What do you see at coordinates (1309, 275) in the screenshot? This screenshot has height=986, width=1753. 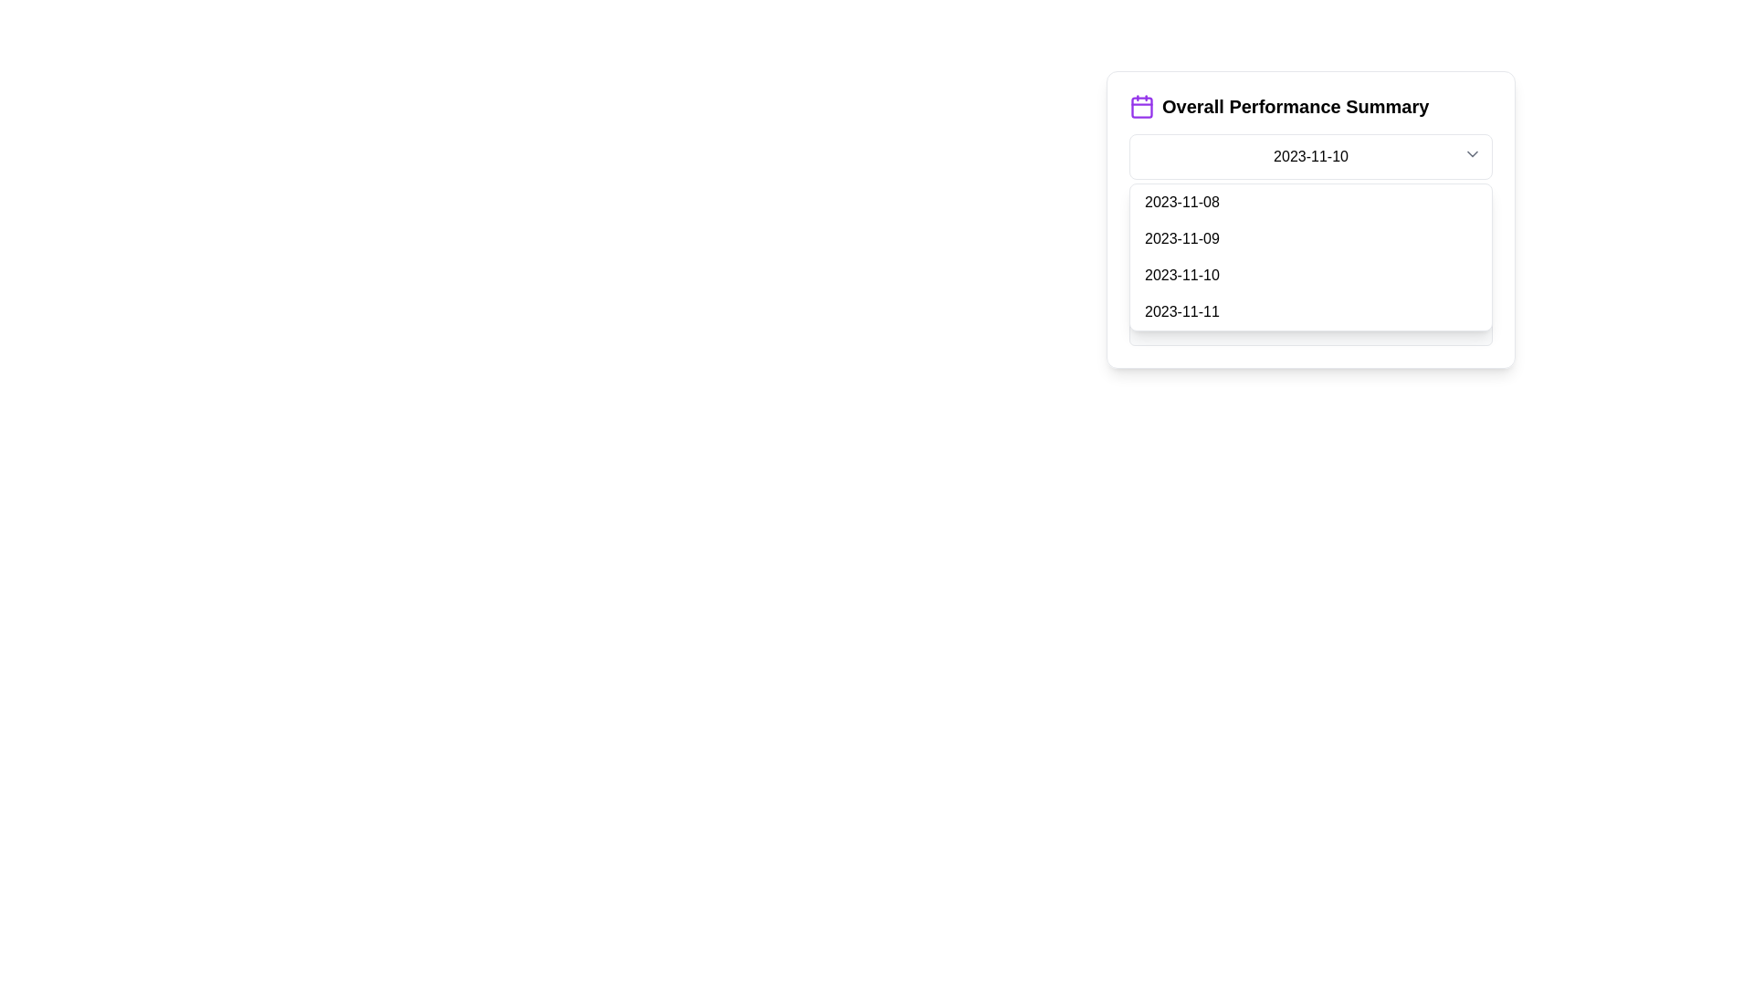 I see `to select the date '2023-11-10' from the dropdown menu under the title 'Overall Performance Summary'` at bounding box center [1309, 275].